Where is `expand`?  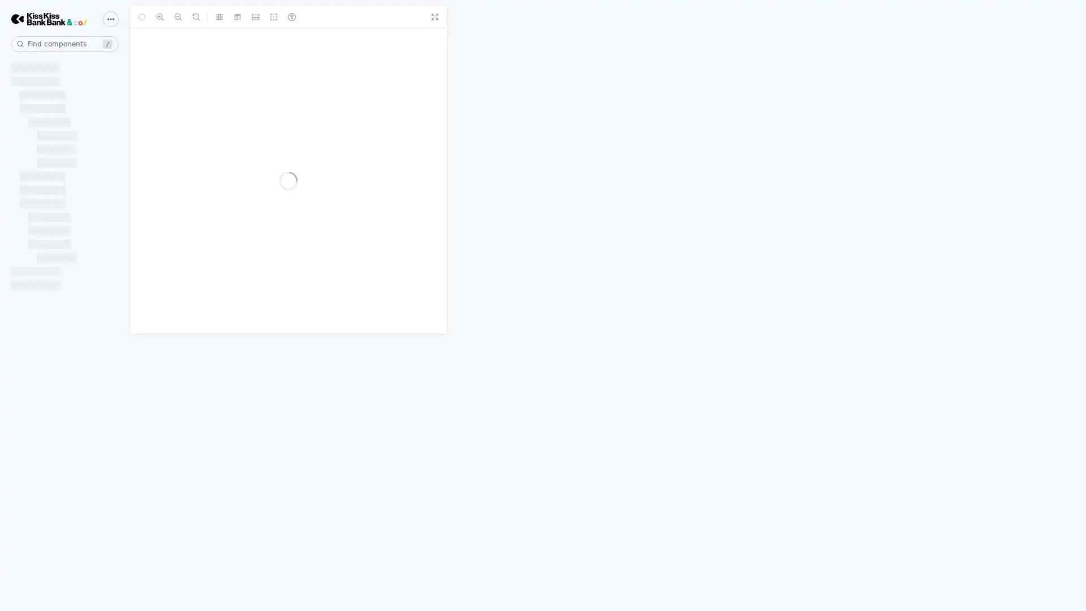
expand is located at coordinates (113, 497).